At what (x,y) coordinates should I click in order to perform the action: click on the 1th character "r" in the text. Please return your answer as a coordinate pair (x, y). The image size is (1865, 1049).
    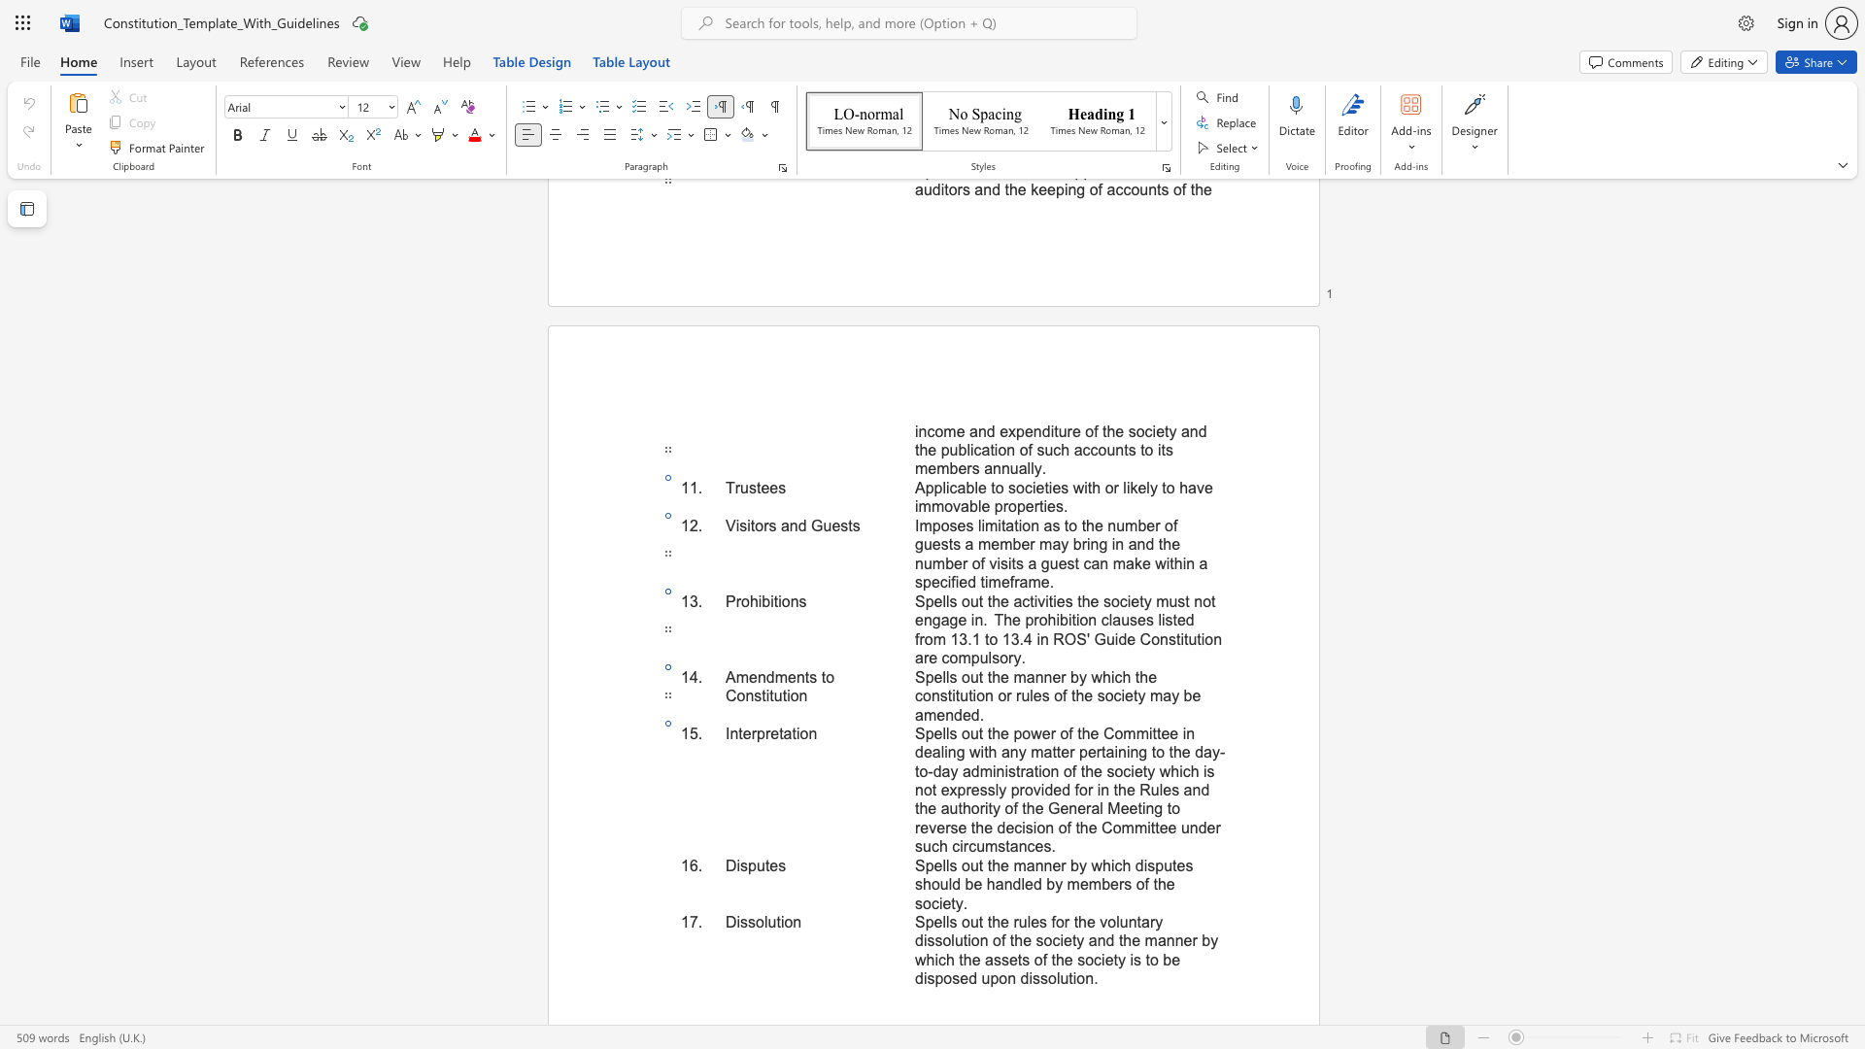
    Looking at the image, I should click on (753, 733).